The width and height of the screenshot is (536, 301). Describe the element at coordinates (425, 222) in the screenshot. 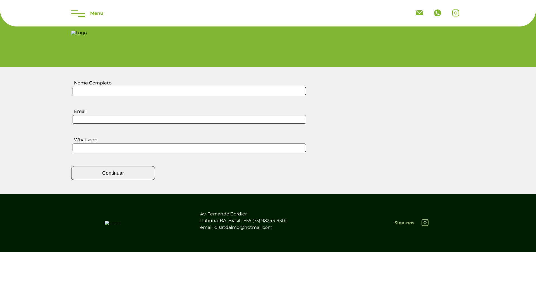

I see `'https://www.instagram.com/'` at that location.